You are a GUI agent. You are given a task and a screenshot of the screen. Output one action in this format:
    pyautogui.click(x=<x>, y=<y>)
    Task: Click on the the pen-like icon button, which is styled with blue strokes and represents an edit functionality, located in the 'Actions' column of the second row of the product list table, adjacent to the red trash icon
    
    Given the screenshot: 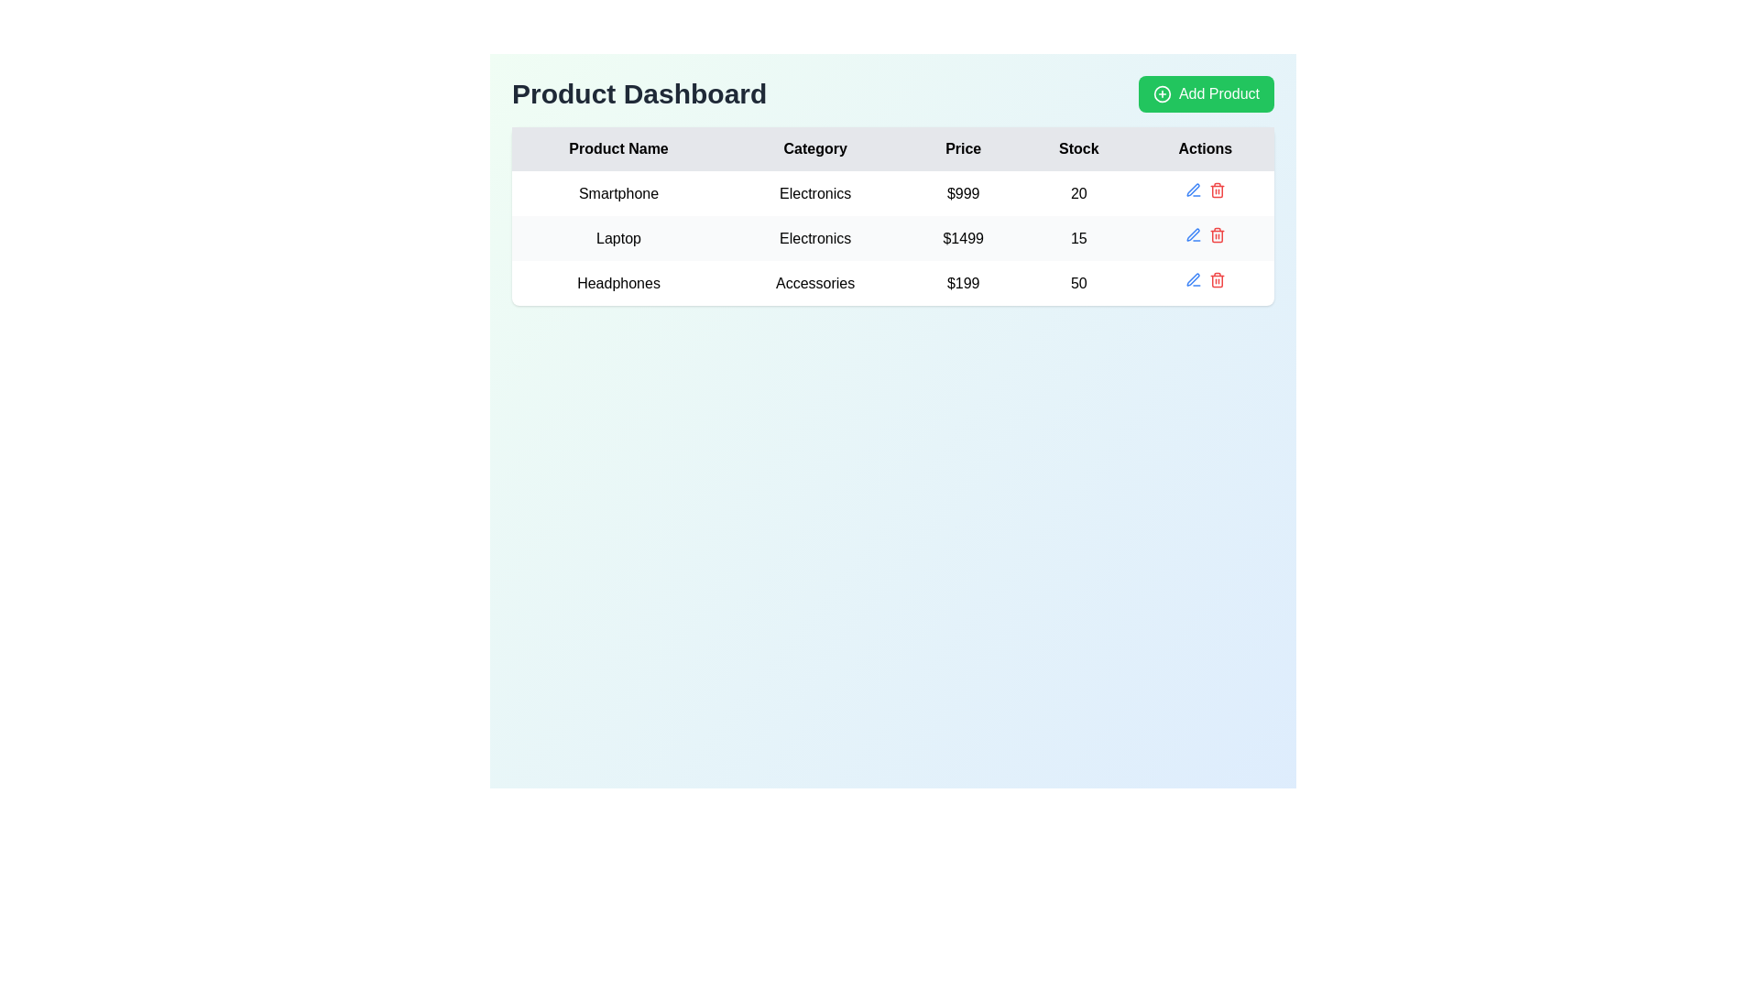 What is the action you would take?
    pyautogui.click(x=1193, y=190)
    